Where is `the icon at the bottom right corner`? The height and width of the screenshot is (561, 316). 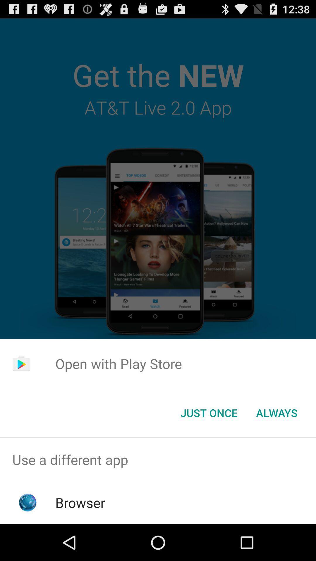
the icon at the bottom right corner is located at coordinates (276, 412).